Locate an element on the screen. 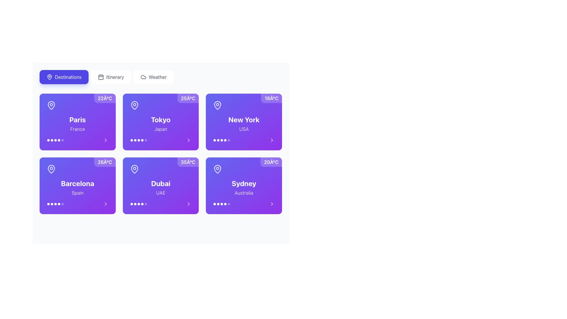 The height and width of the screenshot is (319, 567). the visual change of the pagination indicator dot located on the second row within the card layout labeled 'Tokyo, Japan', specifically positioned below the geographical label text during automatic navigation is located at coordinates (138, 140).